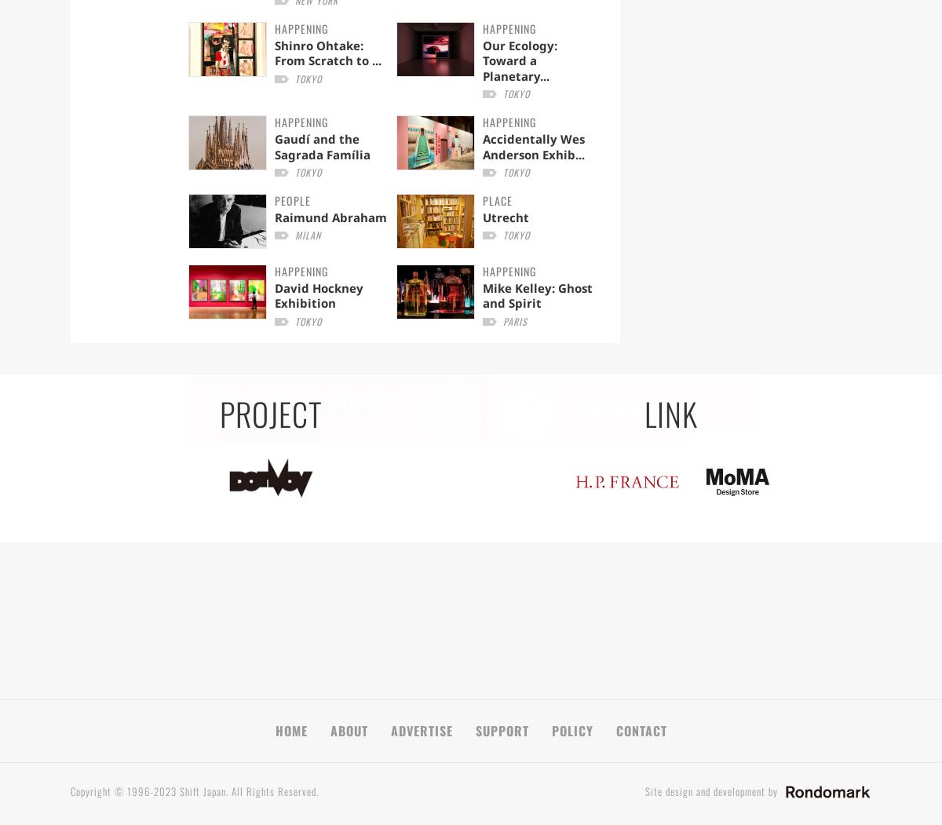  Describe the element at coordinates (551, 730) in the screenshot. I see `'POLICY'` at that location.